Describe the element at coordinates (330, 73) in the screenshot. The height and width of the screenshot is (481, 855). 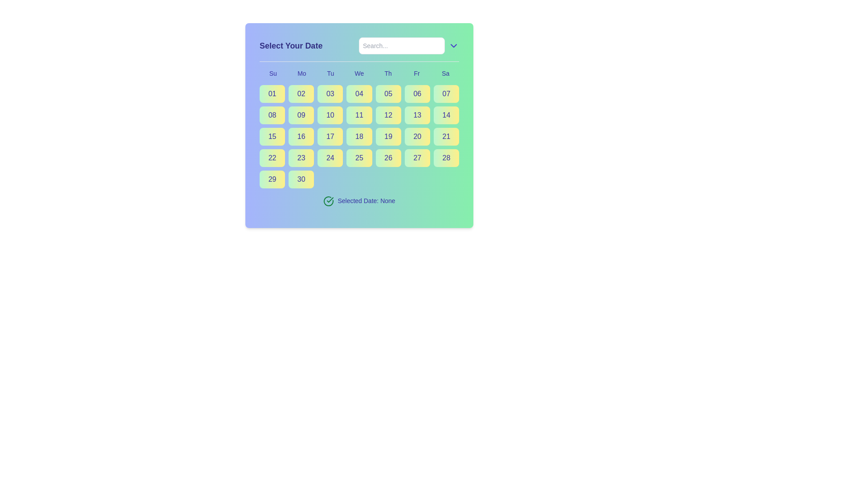
I see `the text label 'Tu' which represents Tuesday in the calendar header, styled in blue with medium font, positioned between 'Mo' and 'We'` at that location.